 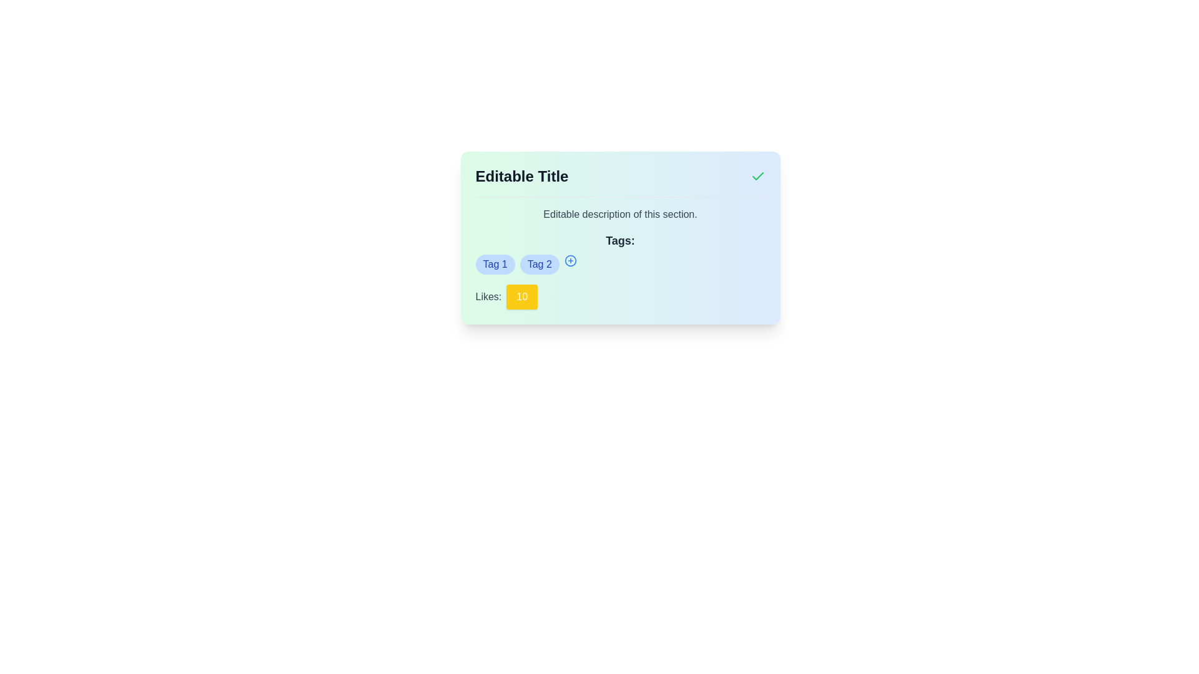 What do you see at coordinates (570, 260) in the screenshot?
I see `the center of the button located in the 'Tags:' section, to the right of the 'Tag 2' label` at bounding box center [570, 260].